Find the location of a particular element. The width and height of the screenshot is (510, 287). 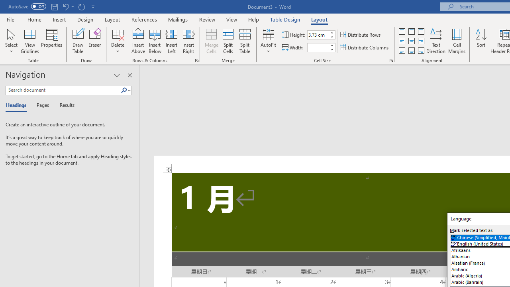

'Table Column Width' is located at coordinates (318, 47).